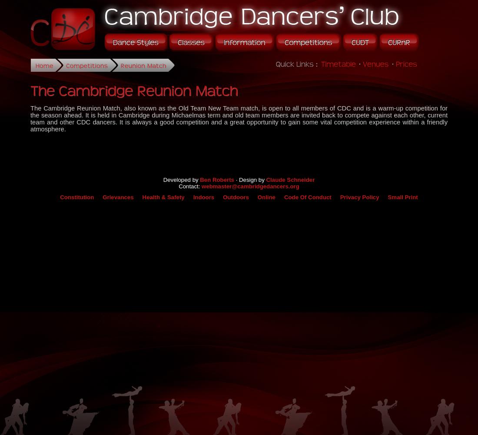 This screenshot has width=478, height=435. Describe the element at coordinates (249, 186) in the screenshot. I see `'webmaster@cambridgedancers.org'` at that location.